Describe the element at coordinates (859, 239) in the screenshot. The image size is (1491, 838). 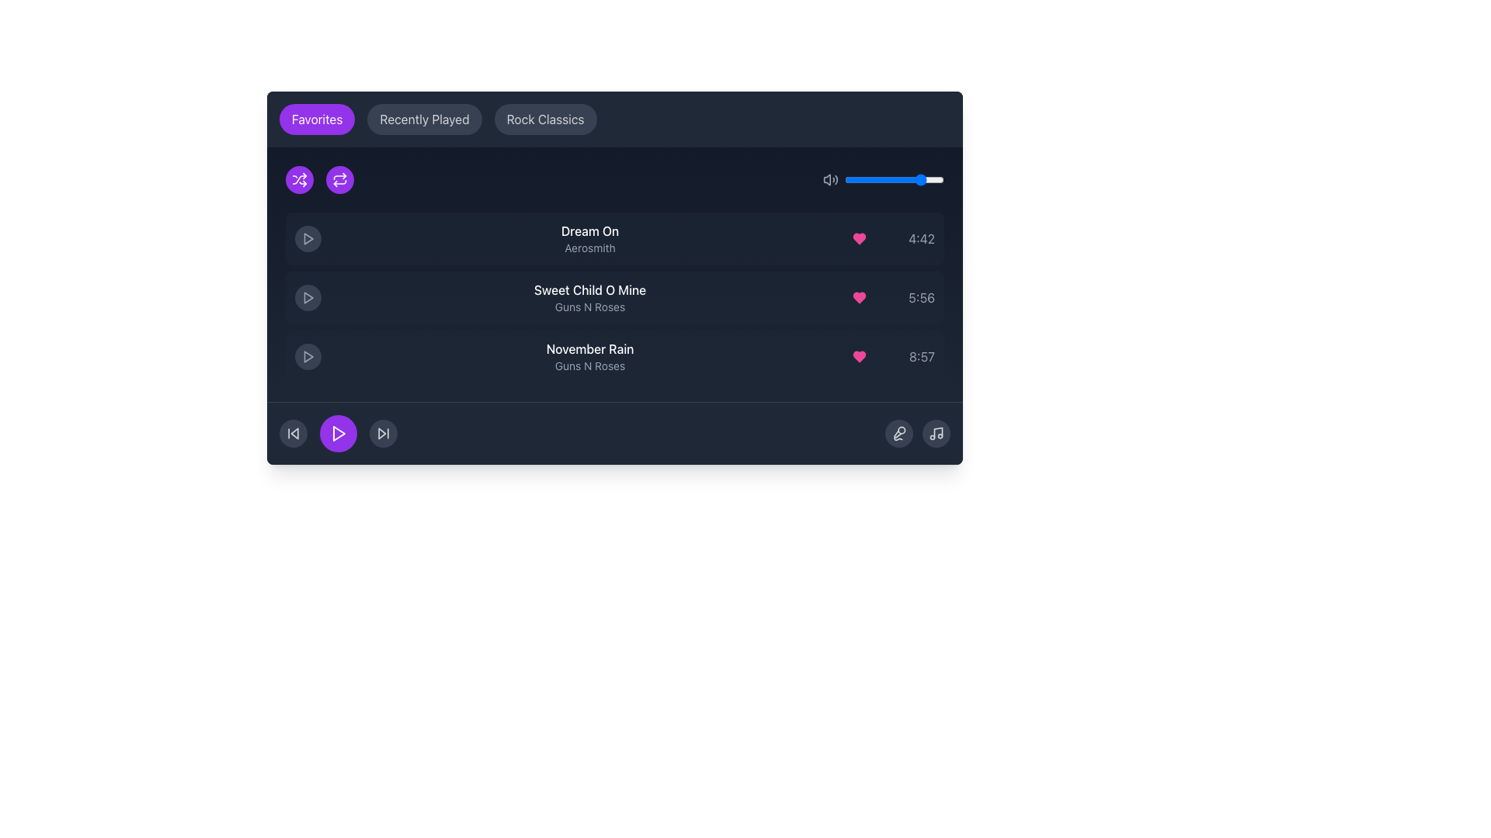
I see `the circular button with a pink heart icon located near the right edge of the first song row ('Dream On')` at that location.